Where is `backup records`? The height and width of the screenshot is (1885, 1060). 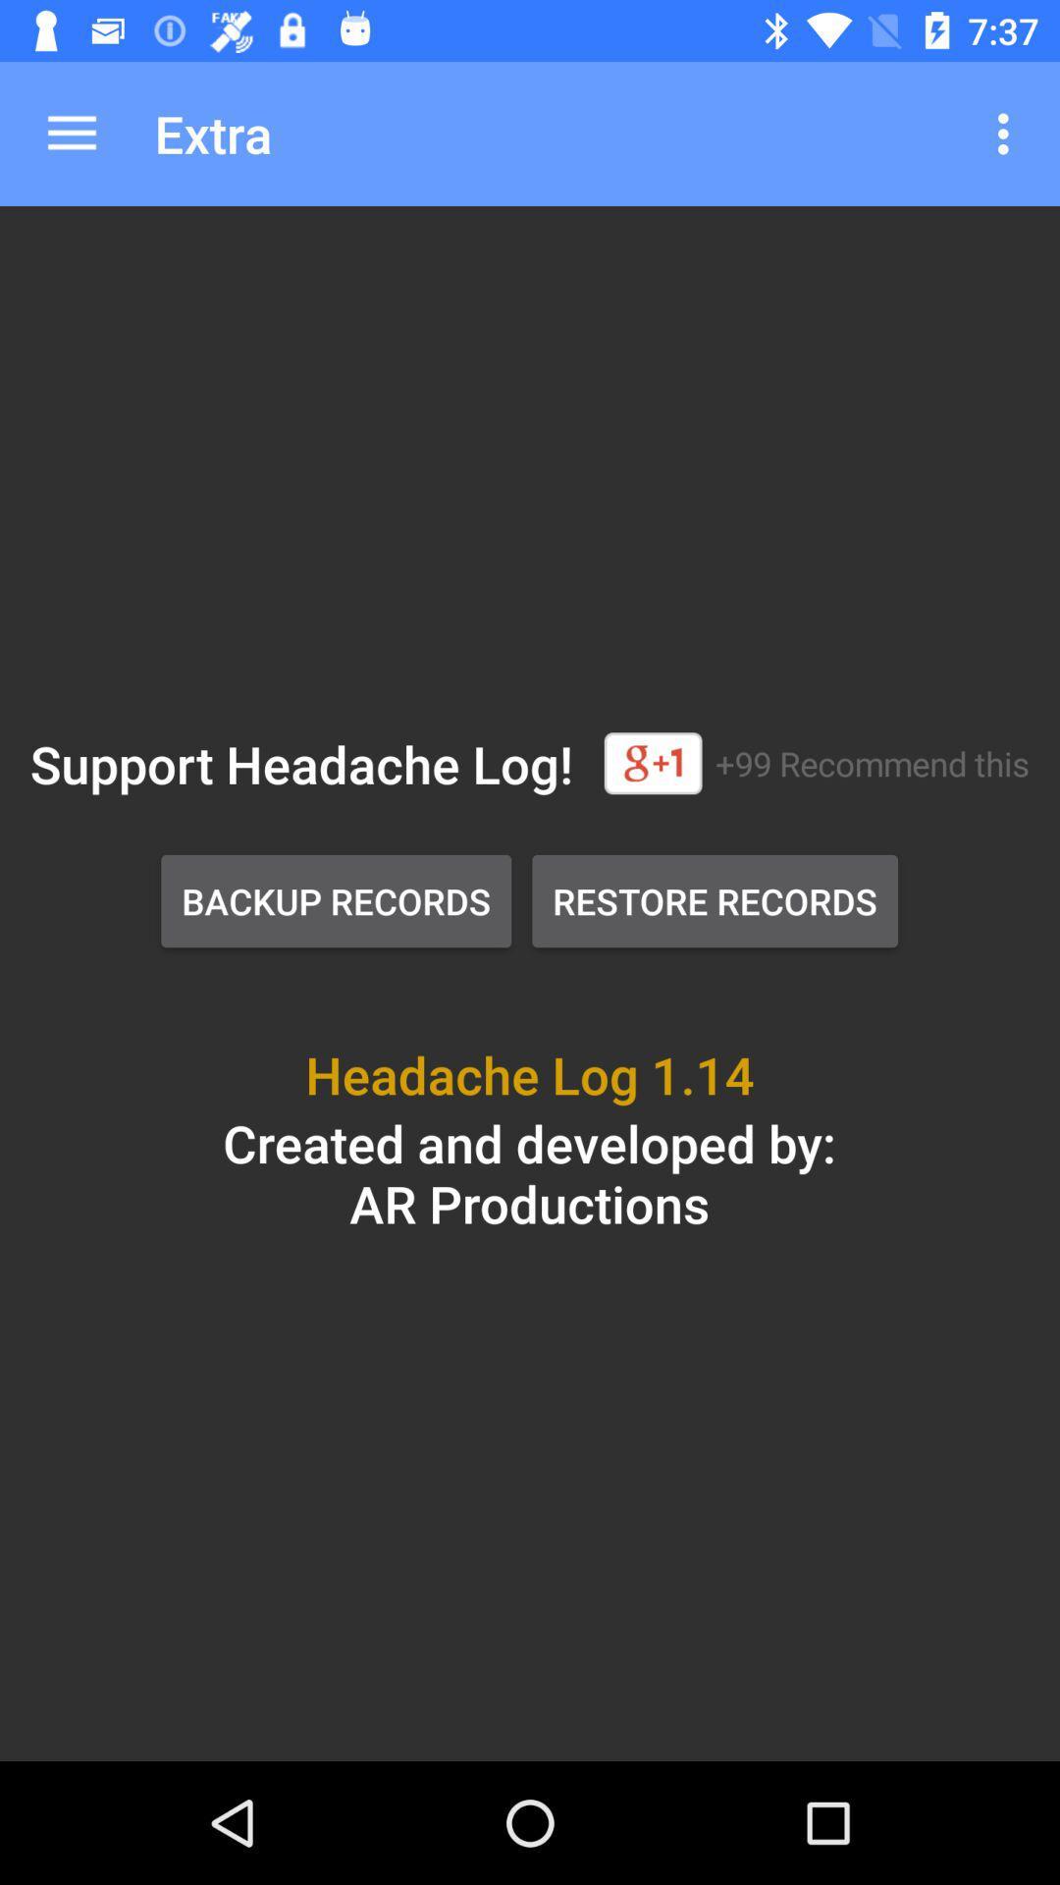
backup records is located at coordinates (335, 899).